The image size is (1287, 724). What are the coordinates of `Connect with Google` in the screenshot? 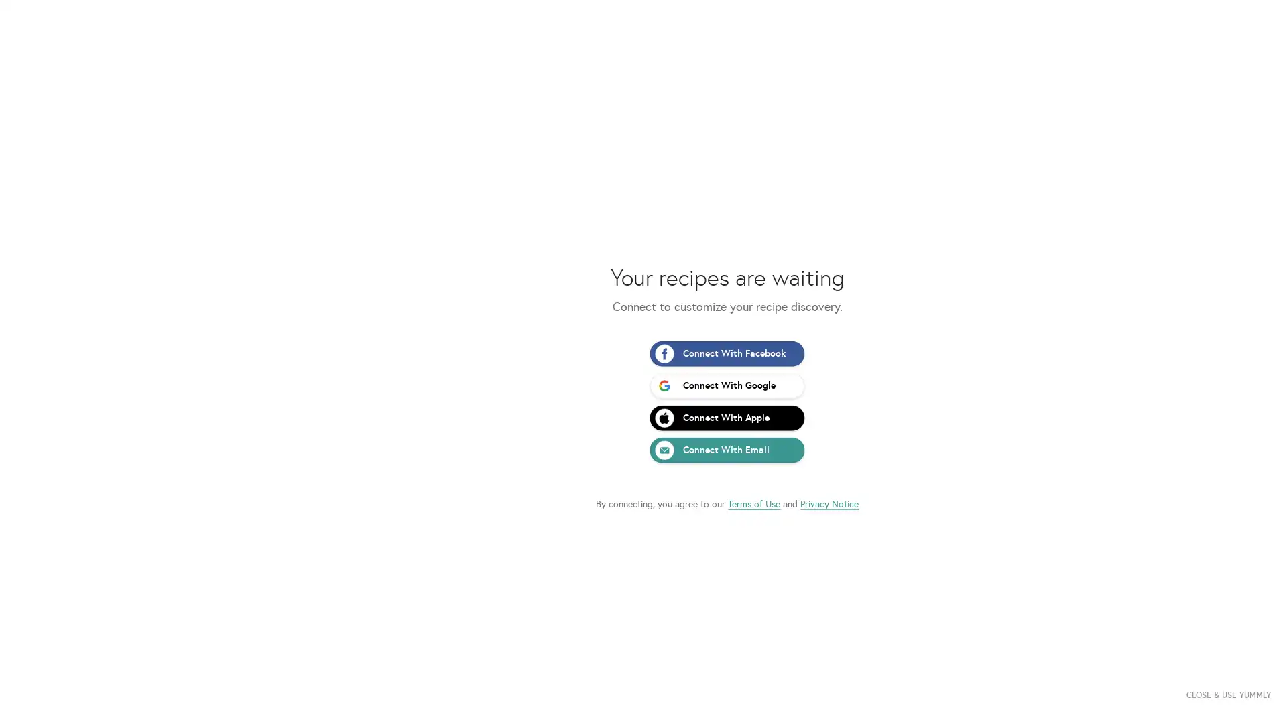 It's located at (642, 385).